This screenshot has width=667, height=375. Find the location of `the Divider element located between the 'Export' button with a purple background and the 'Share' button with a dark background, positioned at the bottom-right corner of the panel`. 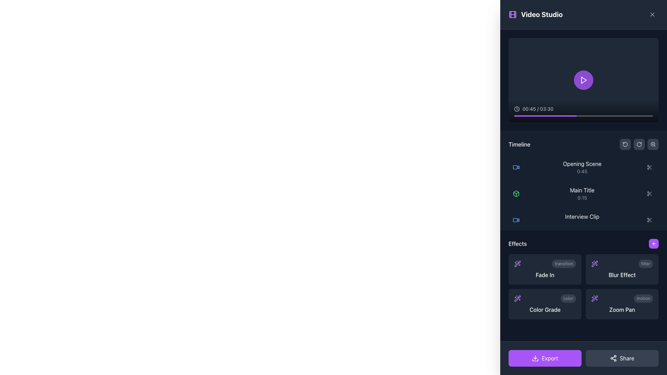

the Divider element located between the 'Export' button with a purple background and the 'Share' button with a dark background, positioned at the bottom-right corner of the panel is located at coordinates (584, 358).